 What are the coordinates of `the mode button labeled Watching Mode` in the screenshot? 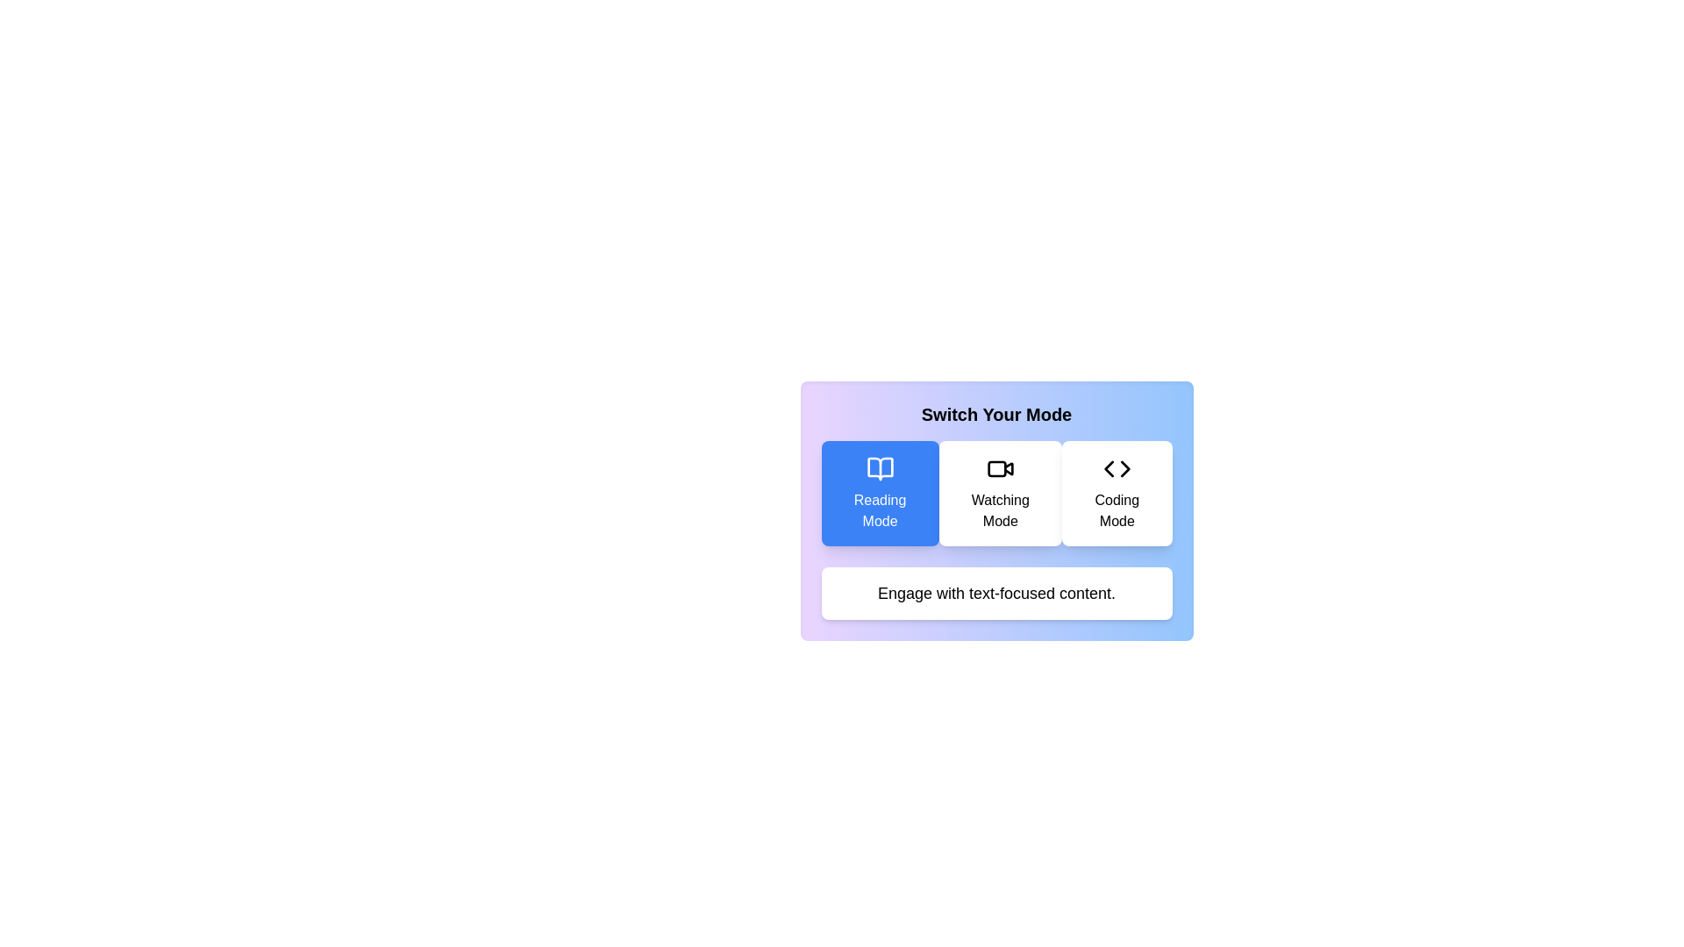 It's located at (1000, 494).